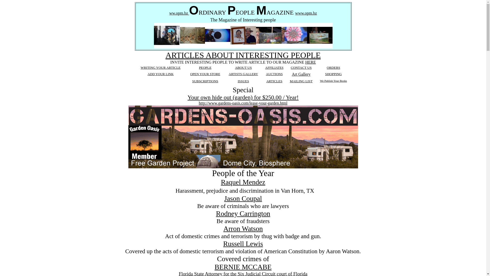  What do you see at coordinates (243, 243) in the screenshot?
I see `'Russell Lewis'` at bounding box center [243, 243].